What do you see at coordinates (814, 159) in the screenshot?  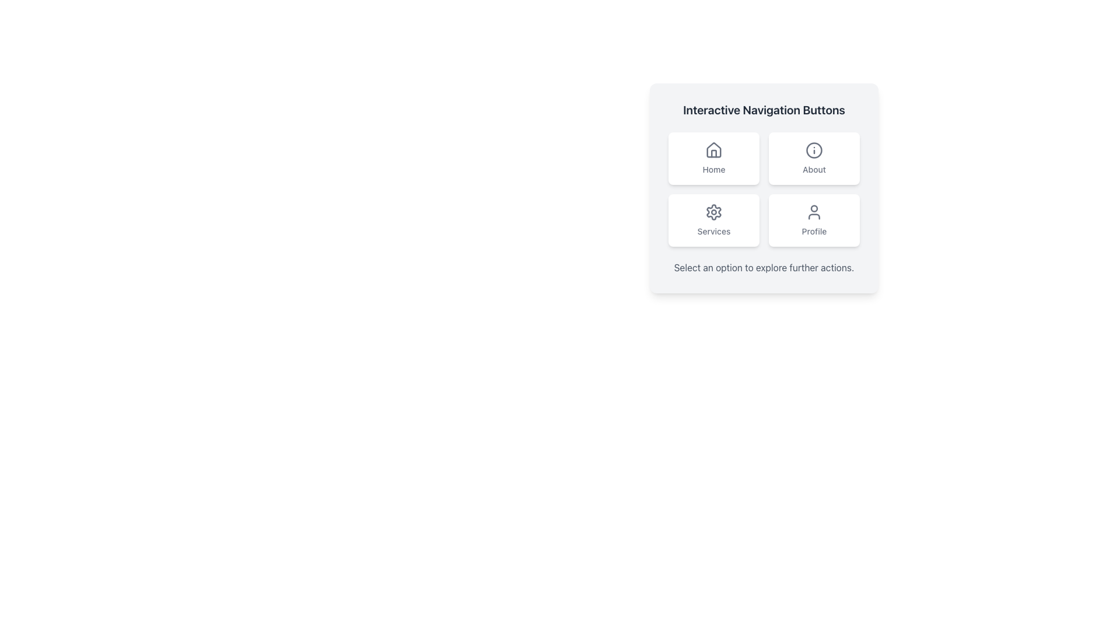 I see `the 'About' button with a white background and an information icon` at bounding box center [814, 159].